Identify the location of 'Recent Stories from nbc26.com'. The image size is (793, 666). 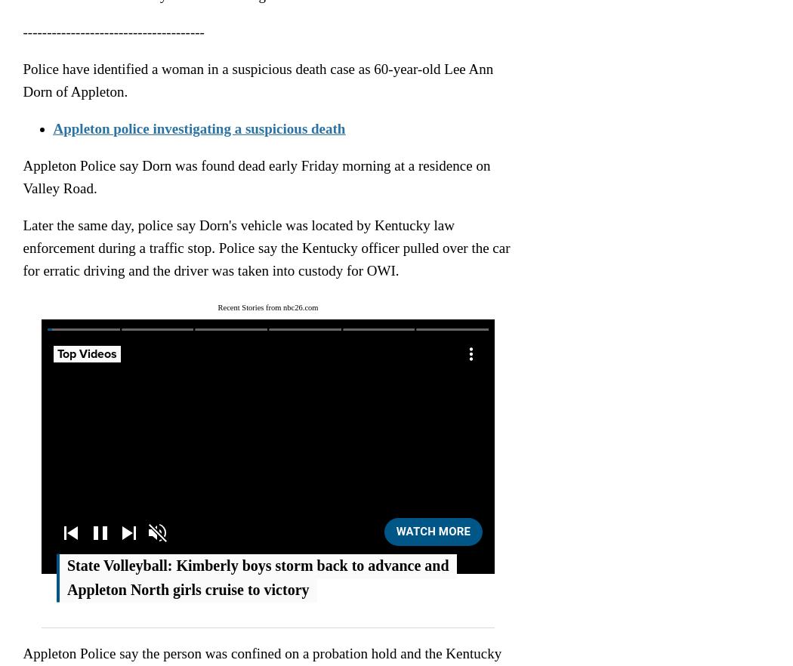
(267, 307).